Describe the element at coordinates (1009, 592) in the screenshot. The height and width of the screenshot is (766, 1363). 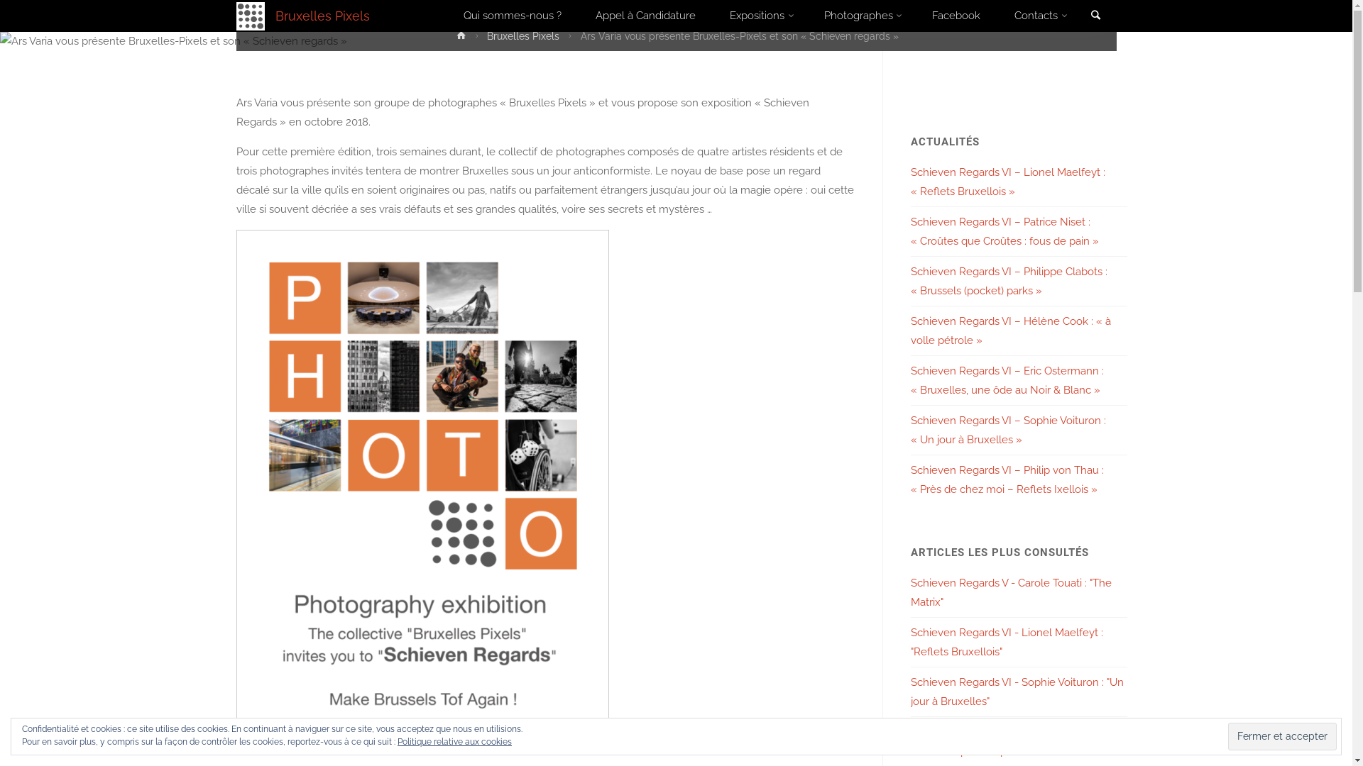
I see `'Schieven Regards V - Carole Touati : "The Matrix"'` at that location.